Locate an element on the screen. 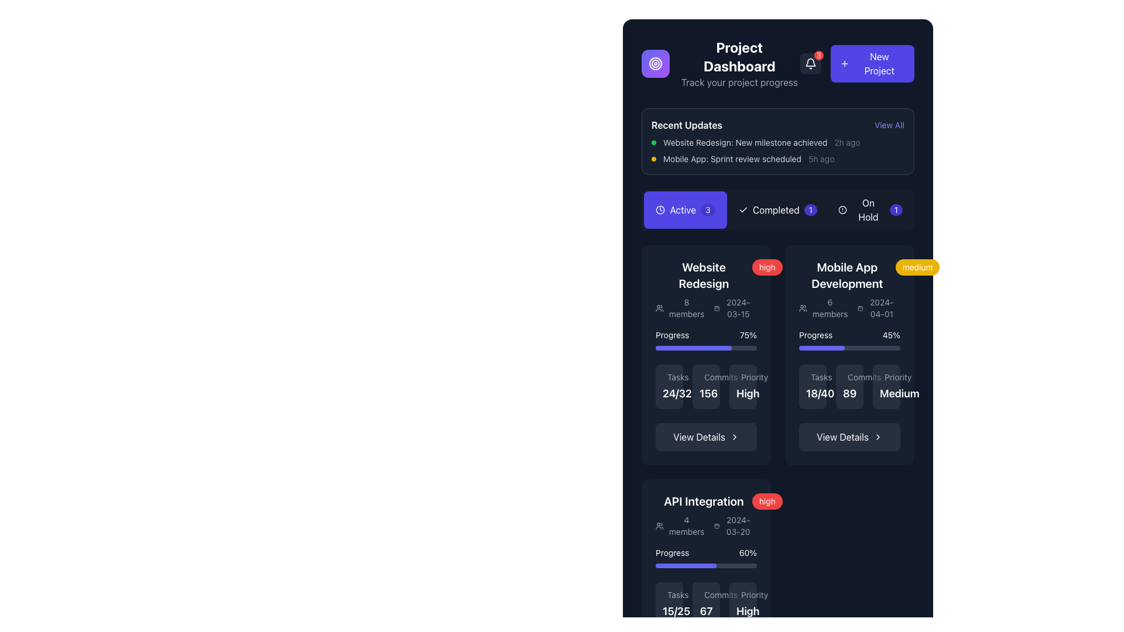  the 'New Project' button, which is a purple rectangular button with rounded corners located at the top-right corner of the interface, to initiate the creation process is located at coordinates (872, 63).